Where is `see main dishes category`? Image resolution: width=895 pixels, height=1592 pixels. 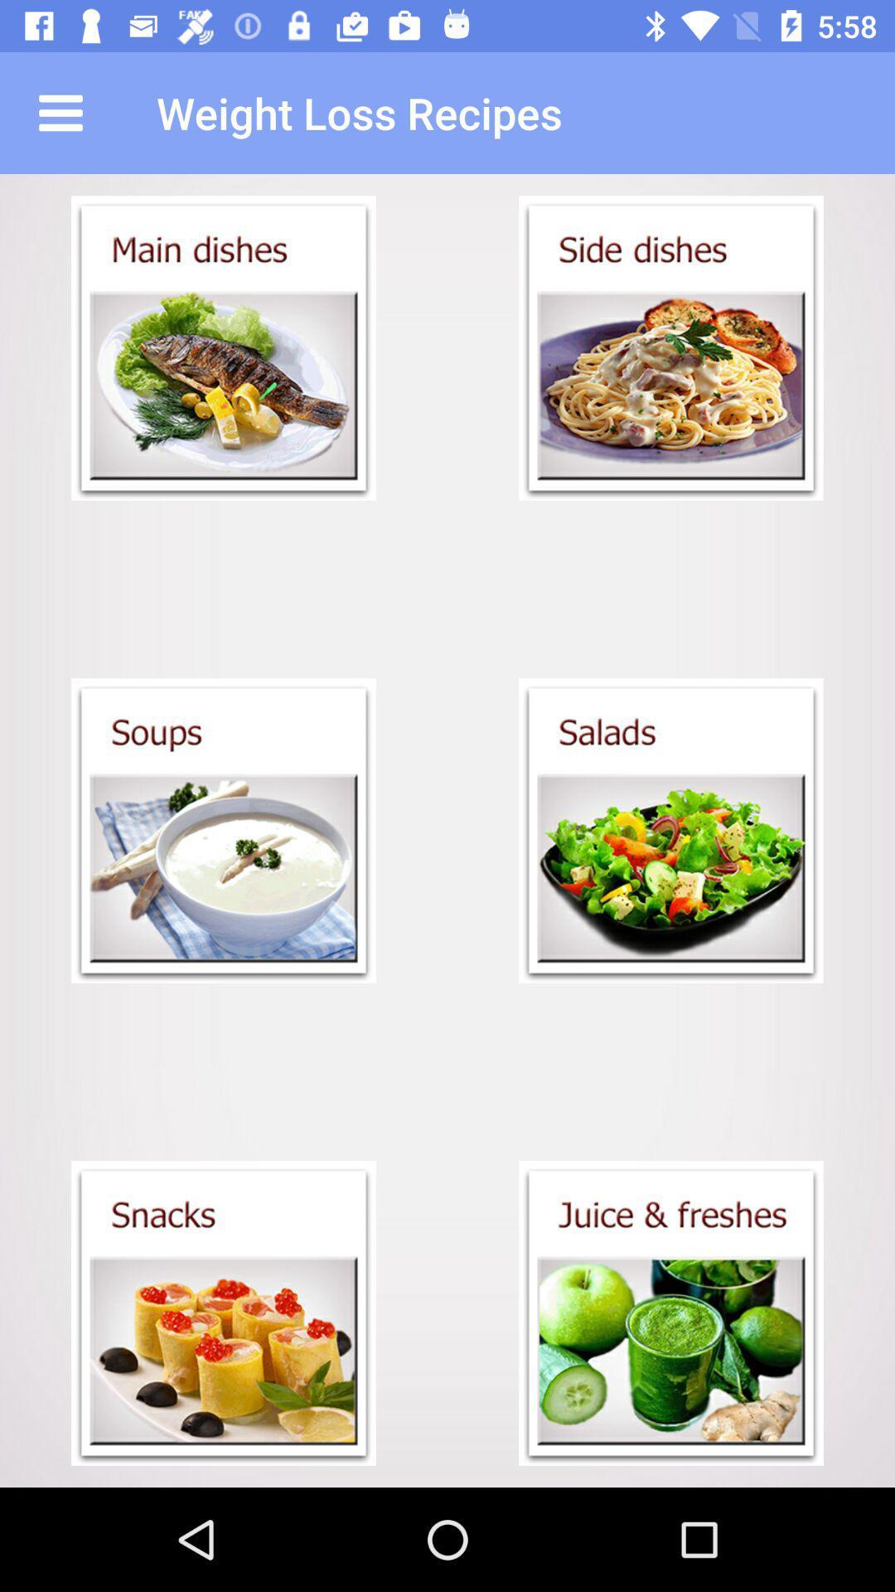
see main dishes category is located at coordinates (224, 347).